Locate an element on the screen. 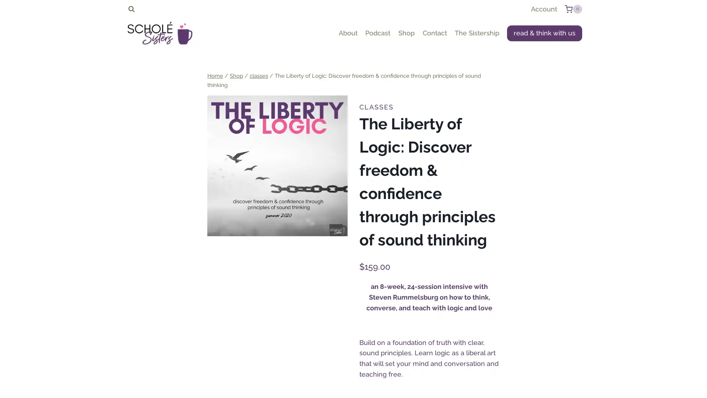 The width and height of the screenshot is (707, 398). View Search Form is located at coordinates (131, 9).